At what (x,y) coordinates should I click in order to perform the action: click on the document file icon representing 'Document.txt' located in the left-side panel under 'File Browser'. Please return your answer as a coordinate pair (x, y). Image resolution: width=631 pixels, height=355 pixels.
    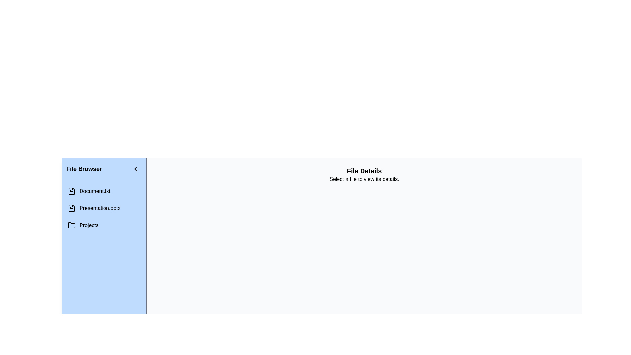
    Looking at the image, I should click on (71, 191).